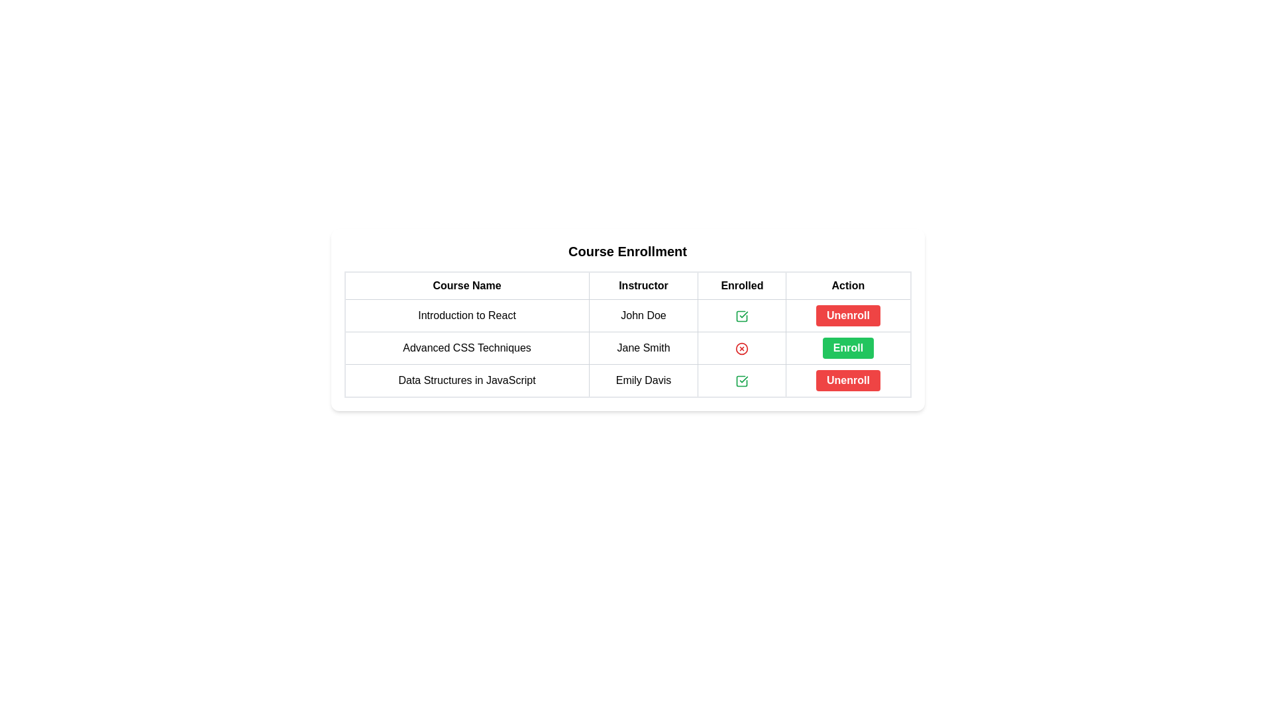  What do you see at coordinates (466, 347) in the screenshot?
I see `the text label displaying 'Advanced CSS Techniques' in the Course Enrollment table, located in the second row and first column` at bounding box center [466, 347].